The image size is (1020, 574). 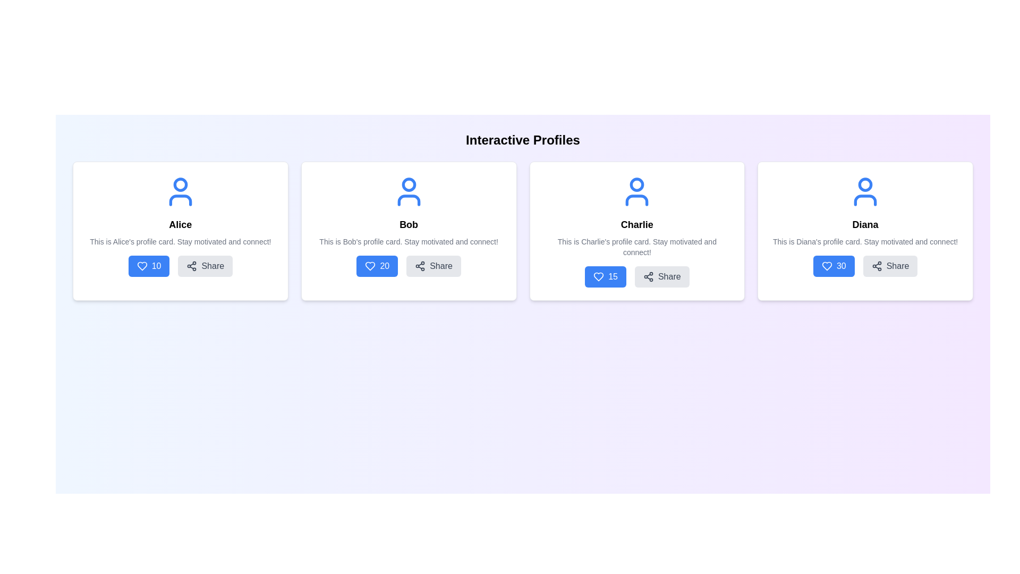 What do you see at coordinates (865, 184) in the screenshot?
I see `the blue-outline circle in the user icon located at the top center of the profile card labeled 'Diana', which is the rightmost card in the interface` at bounding box center [865, 184].